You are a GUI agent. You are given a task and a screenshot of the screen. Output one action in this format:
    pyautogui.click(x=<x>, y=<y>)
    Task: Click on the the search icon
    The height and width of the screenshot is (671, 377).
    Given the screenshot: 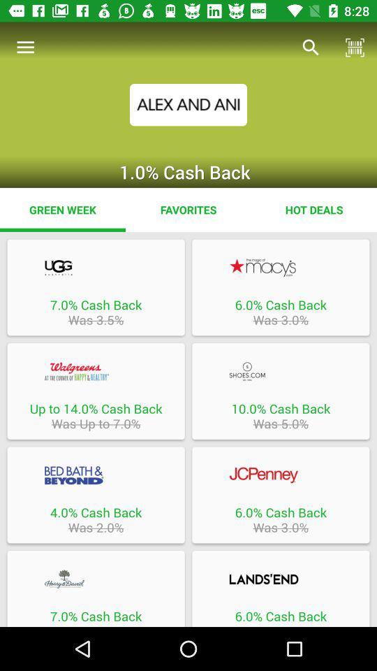 What is the action you would take?
    pyautogui.click(x=311, y=48)
    